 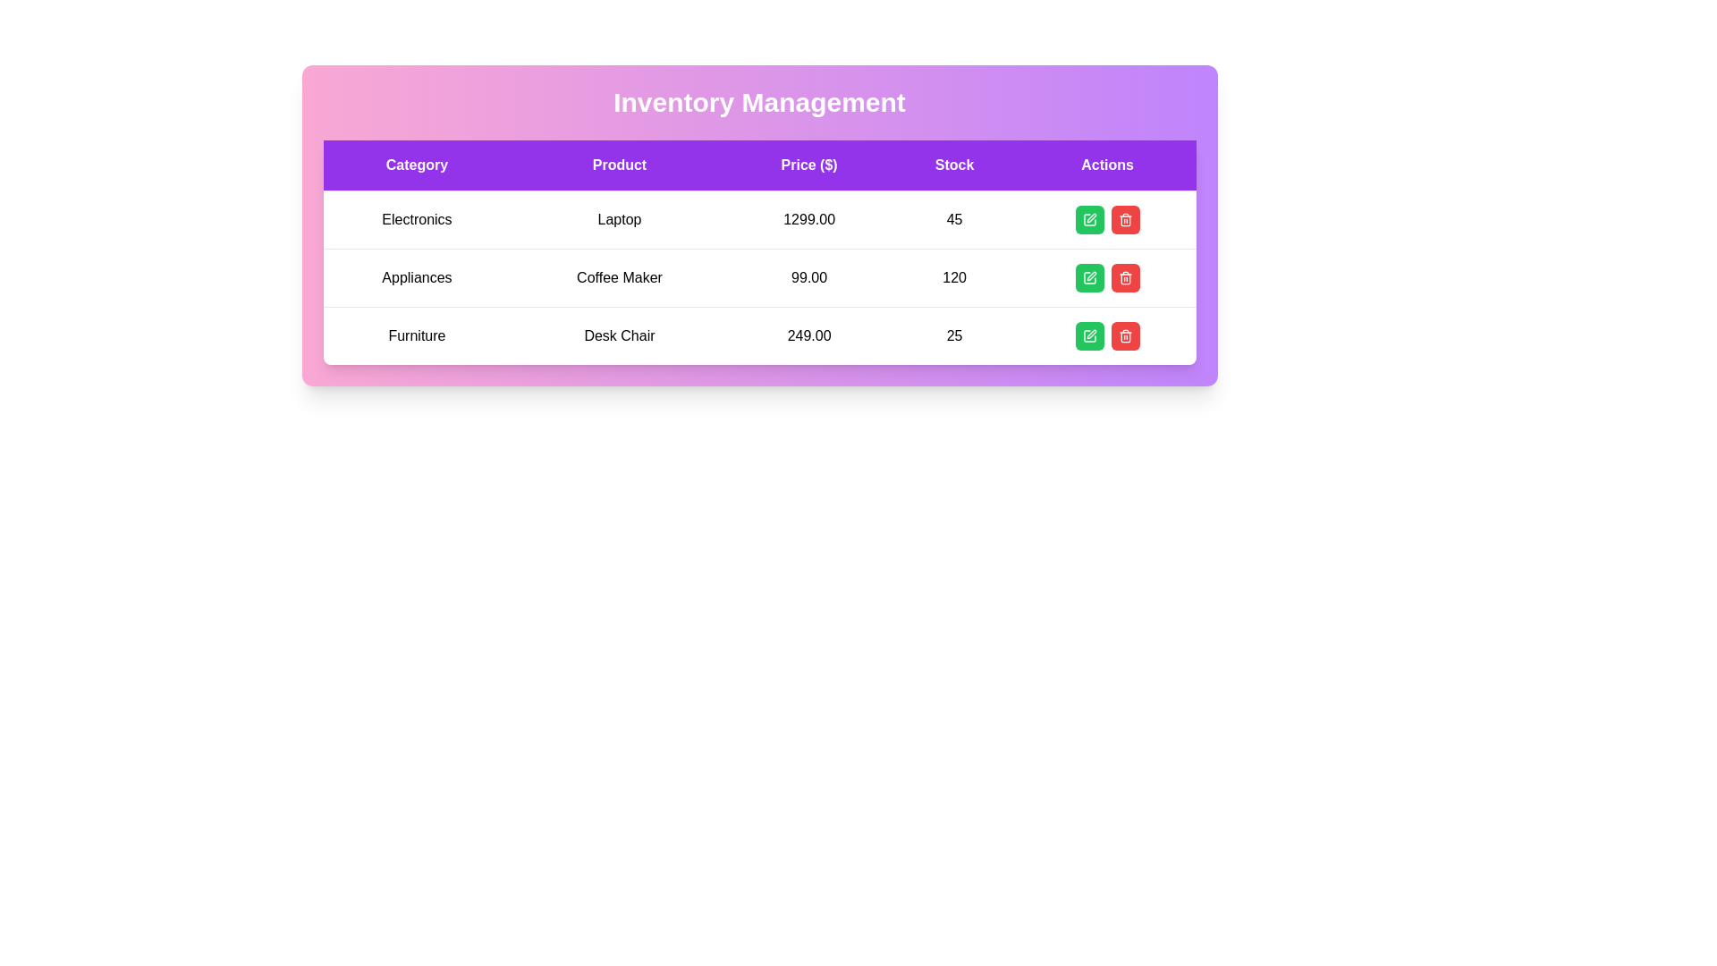 I want to click on the Table Header Cell with the purple background and white text that reads 'Stock', which is the fourth element in the header row of the table, so click(x=953, y=165).